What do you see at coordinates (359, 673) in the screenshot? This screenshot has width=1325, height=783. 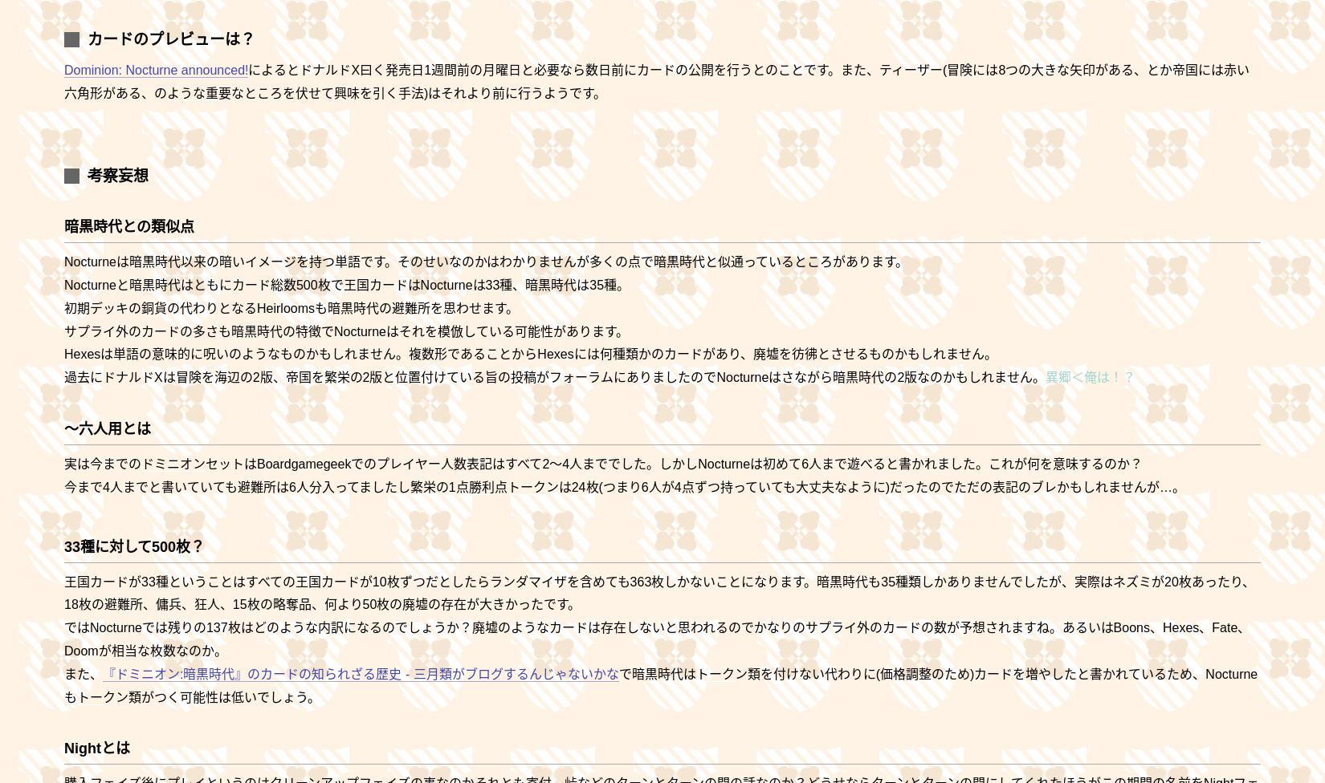 I see `'『ドミニオン:暗黒時代』のカードの知られざる歴史 - 三月類がブログするんじゃないかな'` at bounding box center [359, 673].